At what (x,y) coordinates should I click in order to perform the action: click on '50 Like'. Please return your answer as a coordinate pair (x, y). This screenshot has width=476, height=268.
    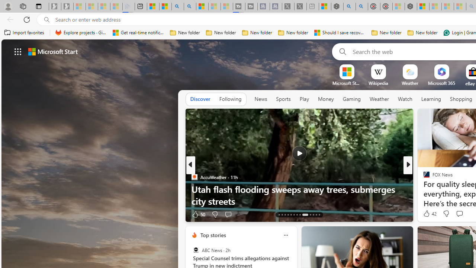
    Looking at the image, I should click on (198, 214).